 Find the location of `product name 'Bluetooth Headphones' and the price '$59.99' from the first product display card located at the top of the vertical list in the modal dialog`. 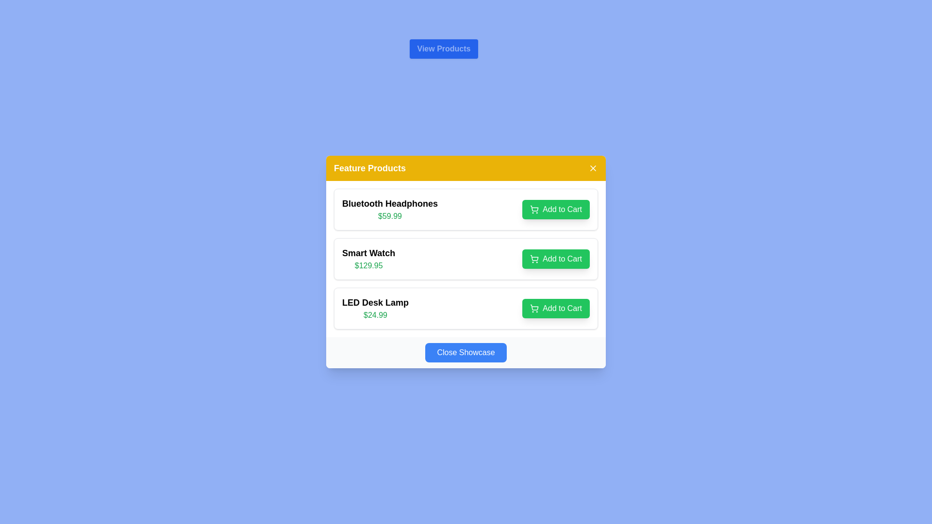

product name 'Bluetooth Headphones' and the price '$59.99' from the first product display card located at the top of the vertical list in the modal dialog is located at coordinates (390, 209).